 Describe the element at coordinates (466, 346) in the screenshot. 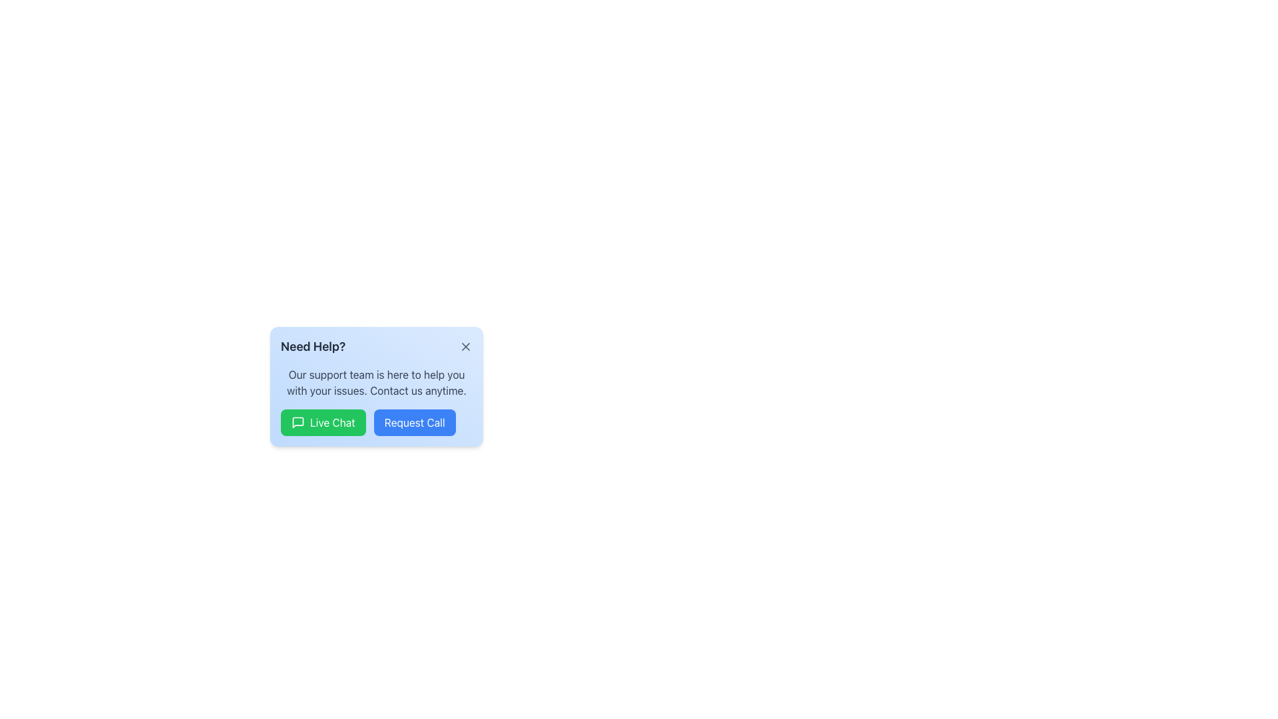

I see `the close icon located in the top-right corner of the 'Need Help?' dialog box` at that location.